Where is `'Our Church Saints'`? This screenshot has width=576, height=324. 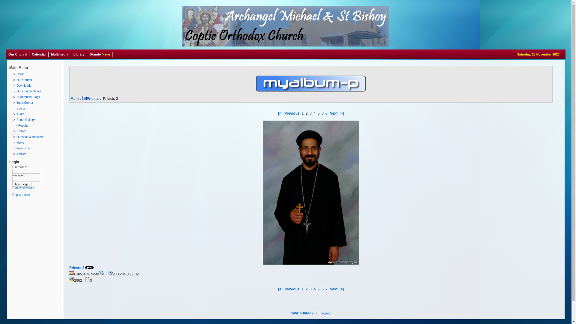 'Our Church Saints' is located at coordinates (36, 91).